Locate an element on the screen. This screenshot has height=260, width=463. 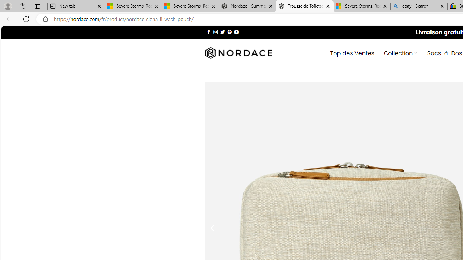
' Top des Ventes' is located at coordinates (352, 52).